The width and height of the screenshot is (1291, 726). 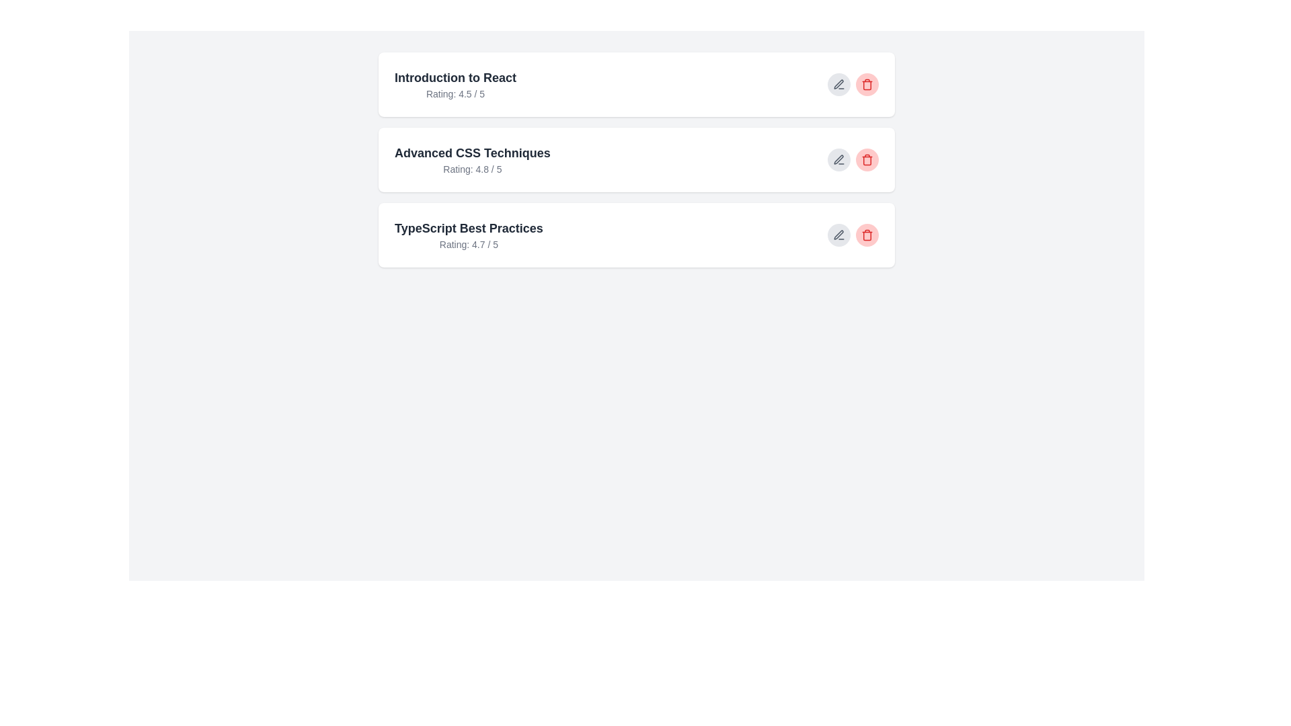 I want to click on the delete button located to the right of the 'Advanced CSS Techniques' list entry, so click(x=867, y=159).